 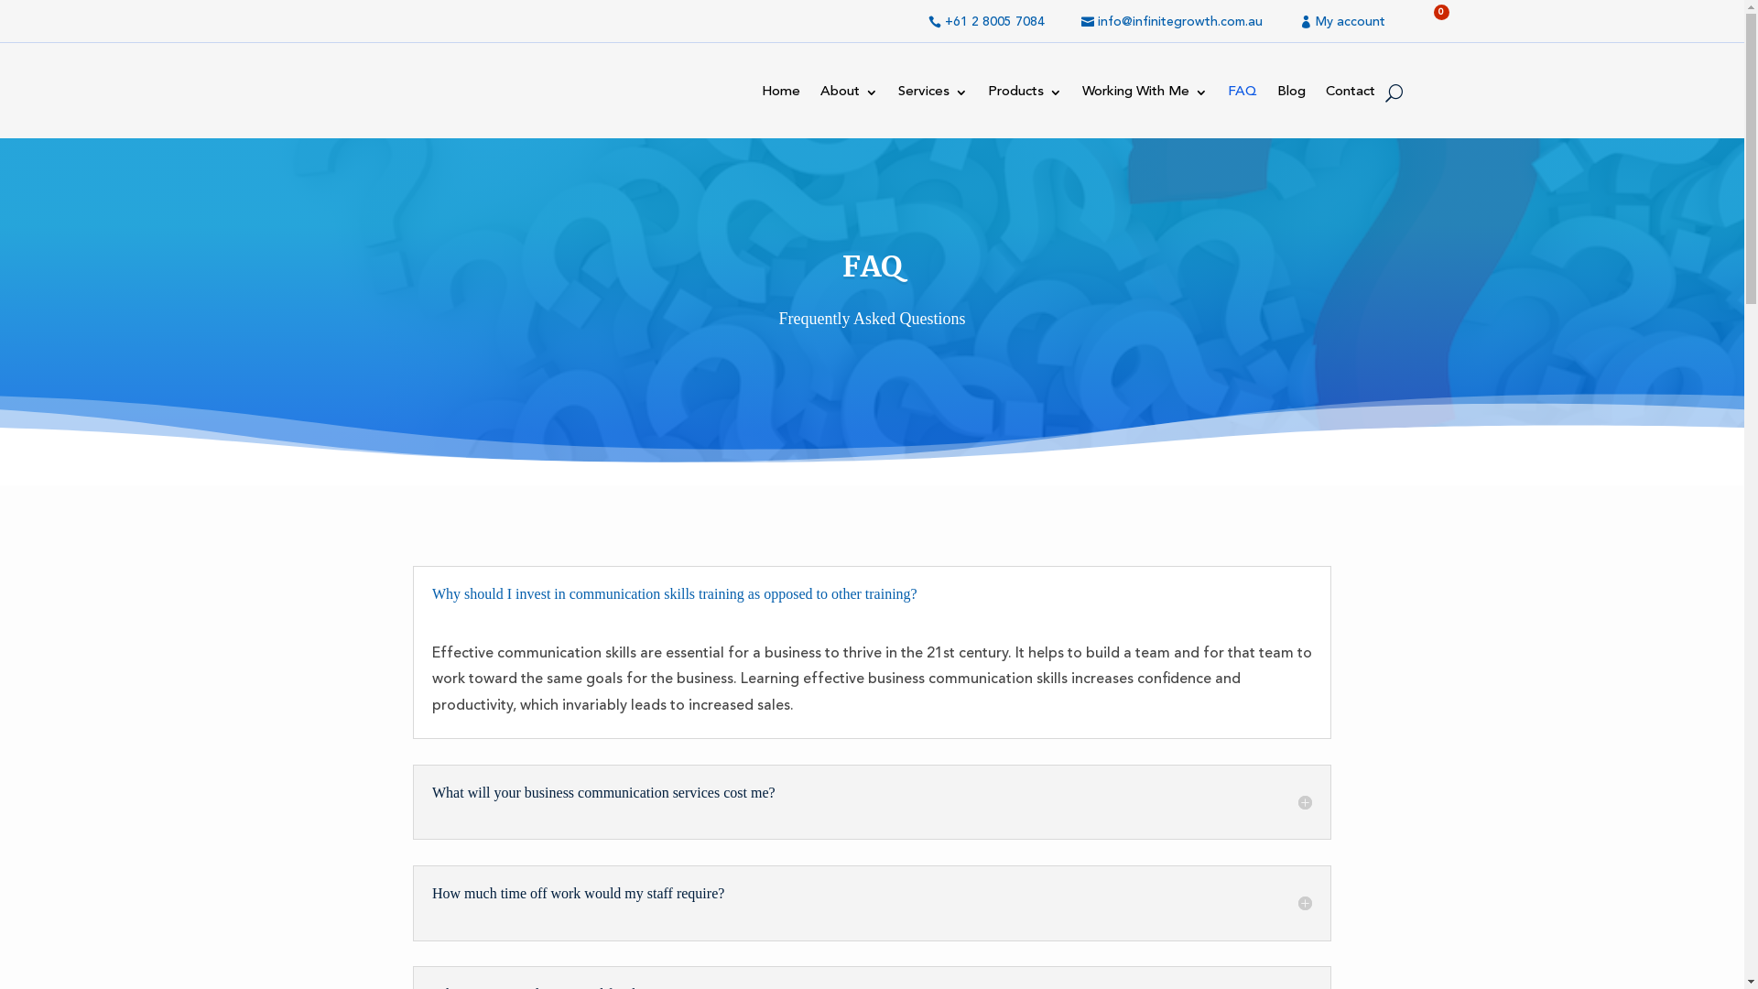 What do you see at coordinates (1424, 29) in the screenshot?
I see `'0'` at bounding box center [1424, 29].